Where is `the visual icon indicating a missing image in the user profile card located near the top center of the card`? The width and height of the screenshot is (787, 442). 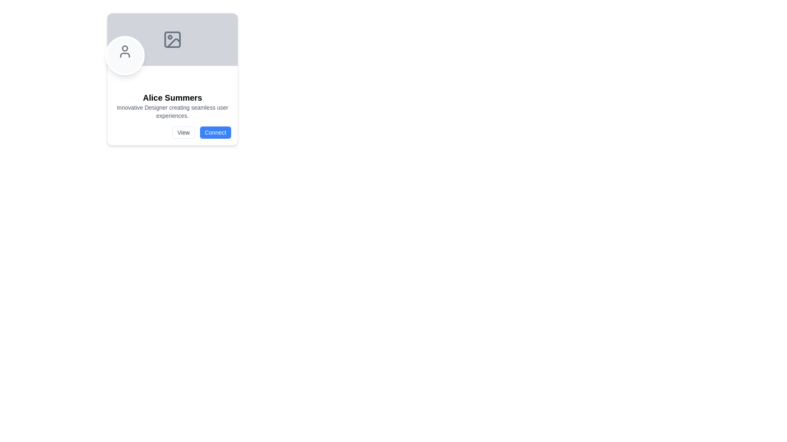
the visual icon indicating a missing image in the user profile card located near the top center of the card is located at coordinates (173, 43).